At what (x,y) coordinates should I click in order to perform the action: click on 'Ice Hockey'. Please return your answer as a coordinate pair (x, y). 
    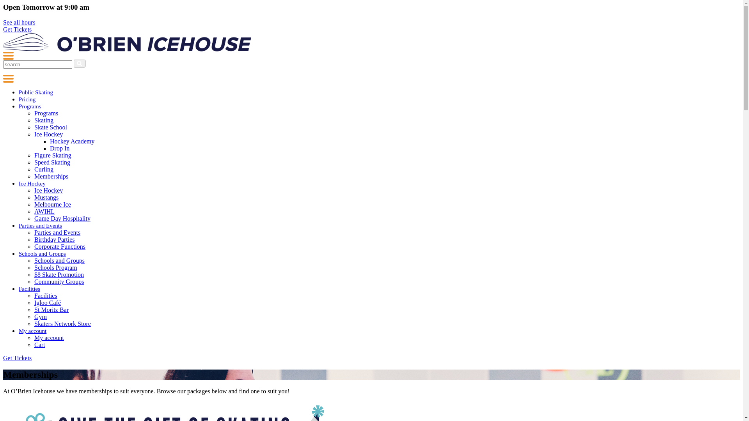
    Looking at the image, I should click on (32, 183).